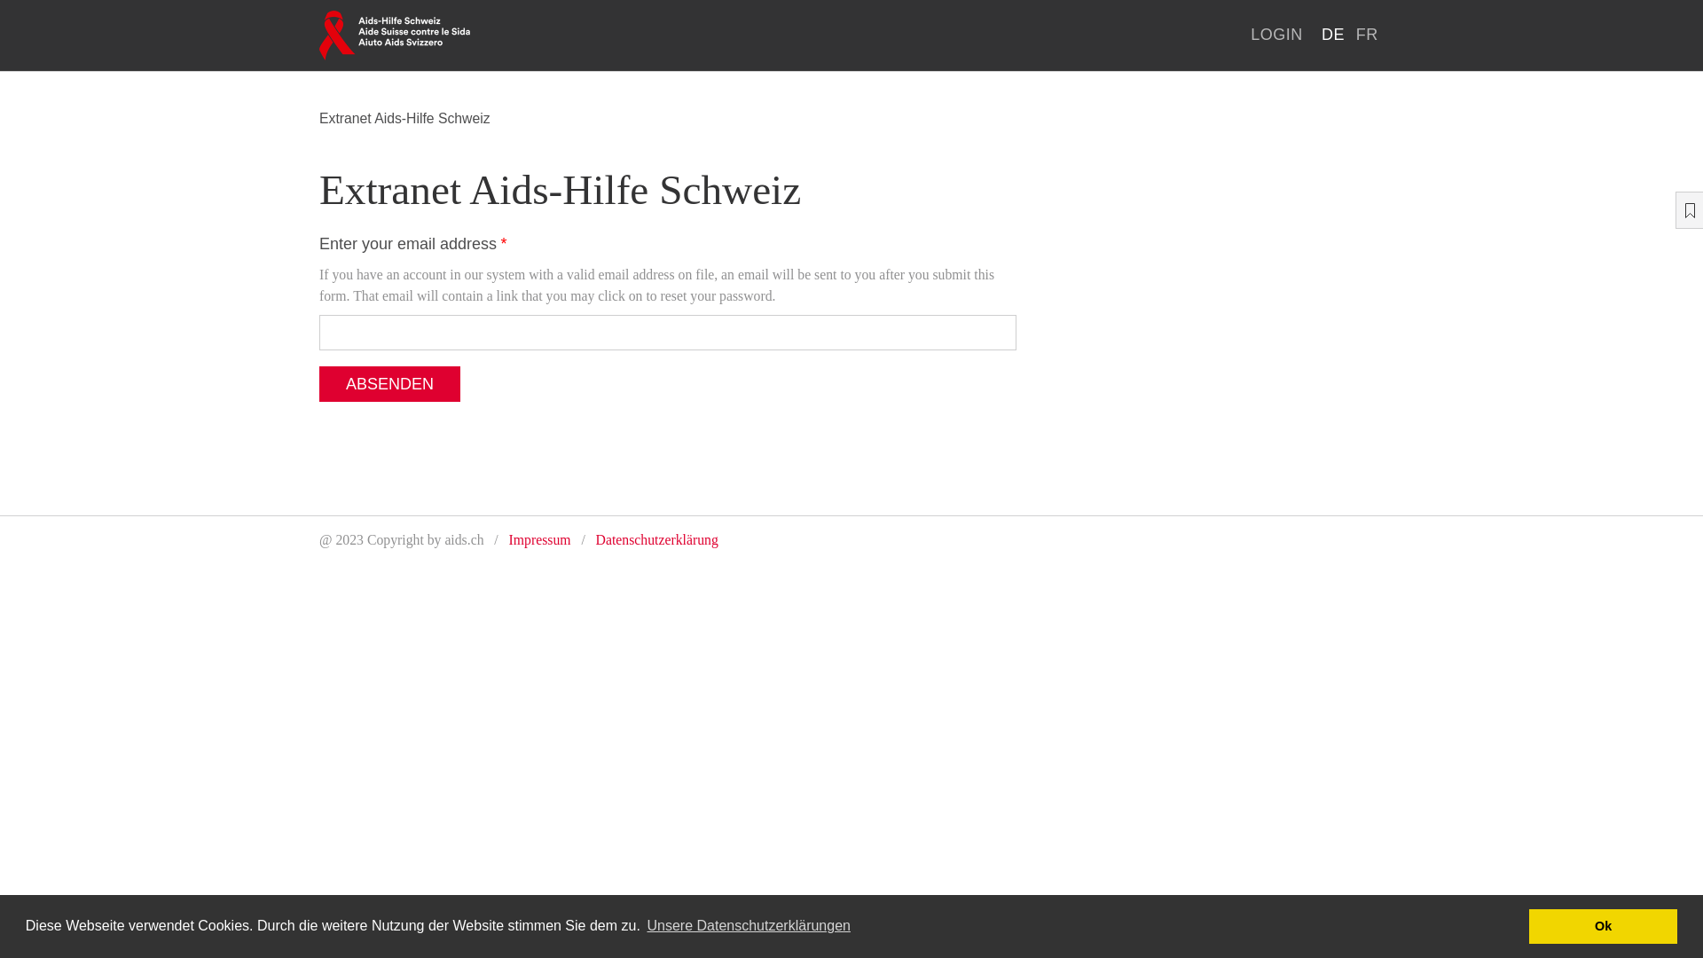 The height and width of the screenshot is (958, 1703). Describe the element at coordinates (394, 35) in the screenshot. I see `'Home'` at that location.